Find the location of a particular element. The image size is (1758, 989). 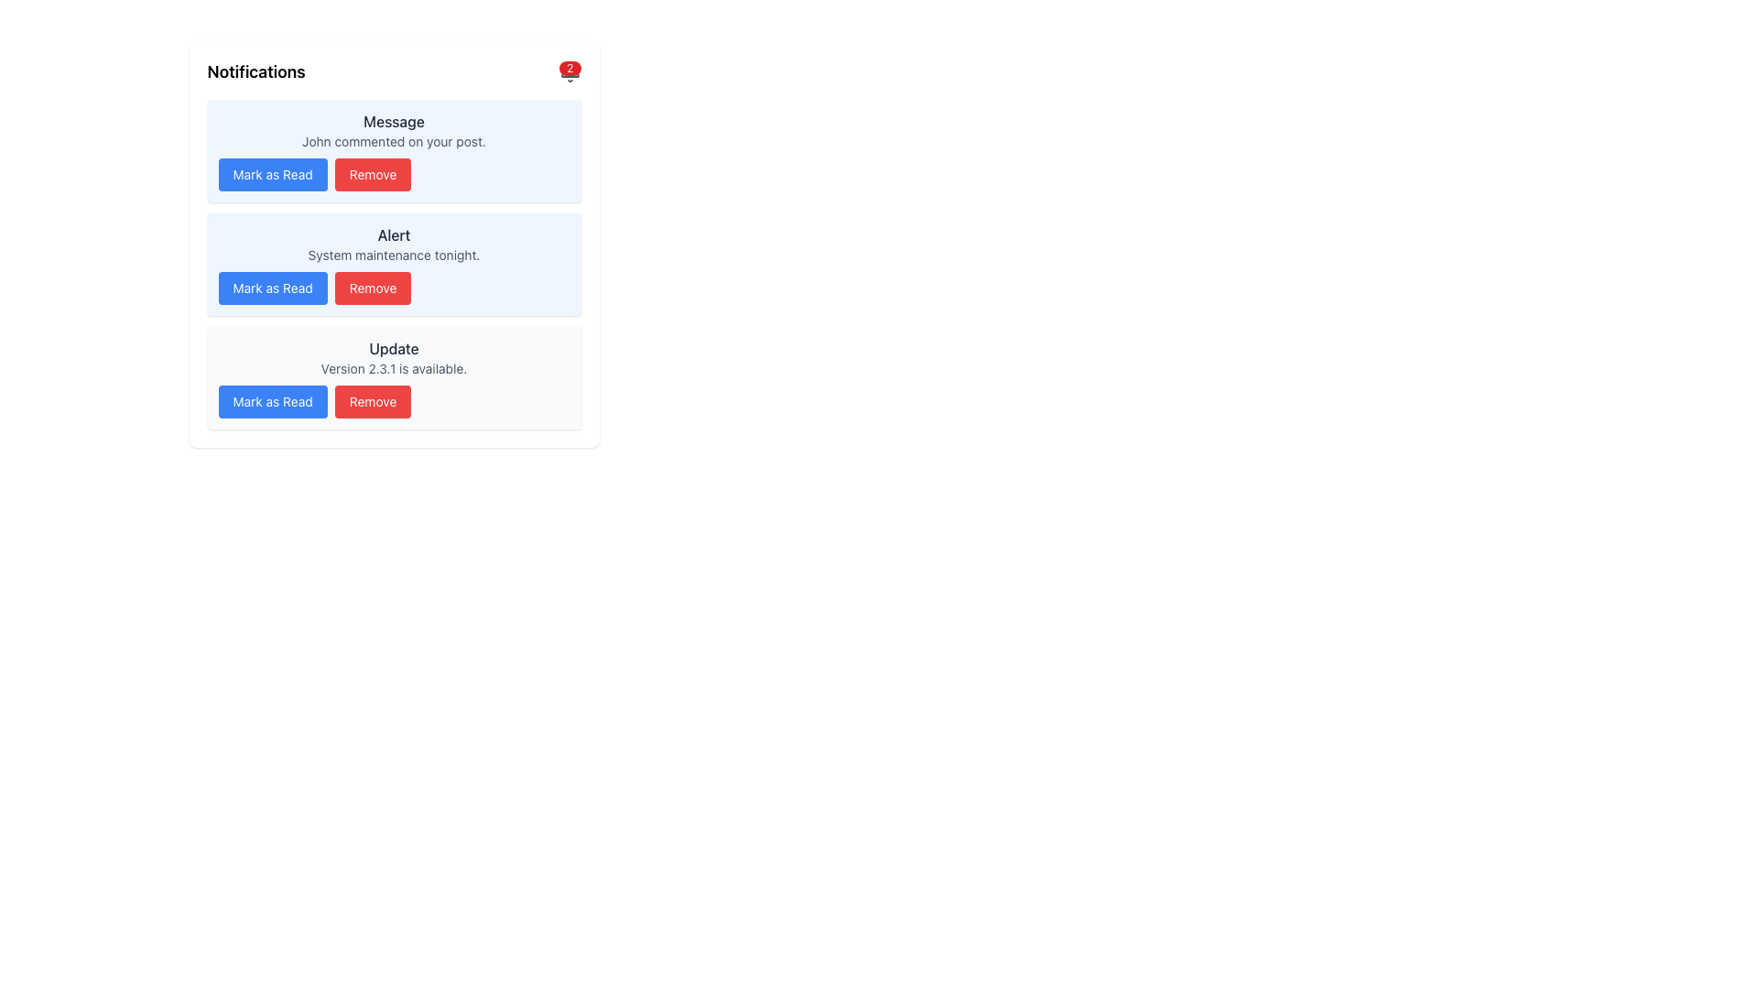

the Text Label informing about the upcoming system maintenance event, located within the second notification card titled 'Alert' is located at coordinates (393, 255).